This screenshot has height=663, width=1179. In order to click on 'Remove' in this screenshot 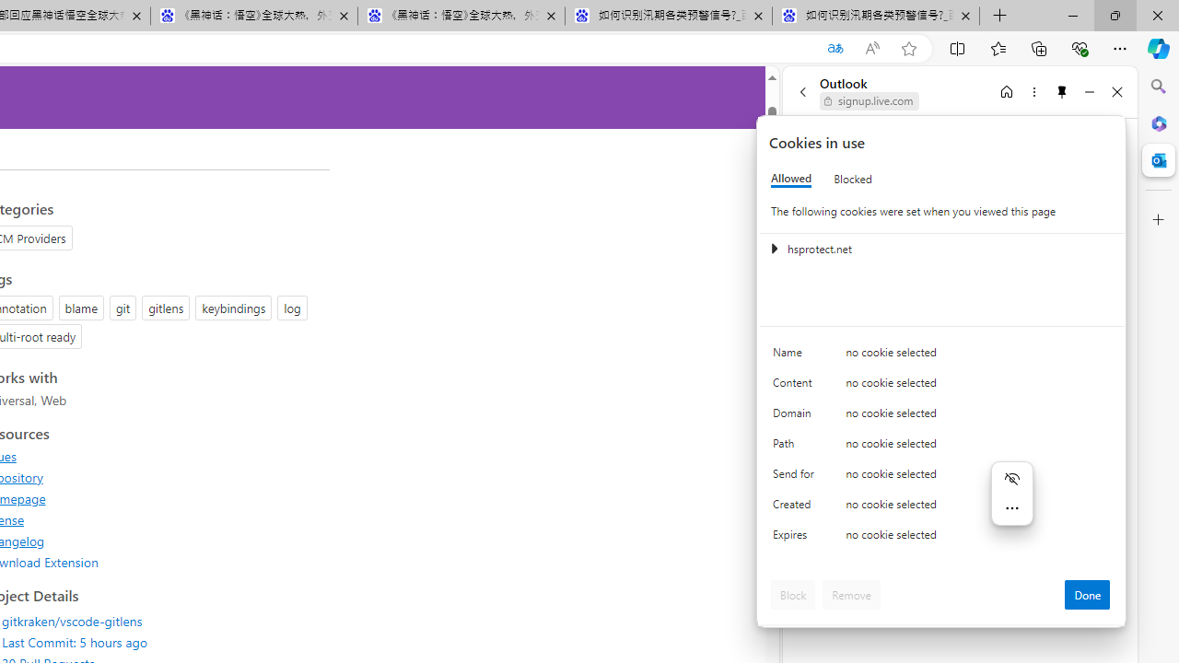, I will do `click(850, 594)`.